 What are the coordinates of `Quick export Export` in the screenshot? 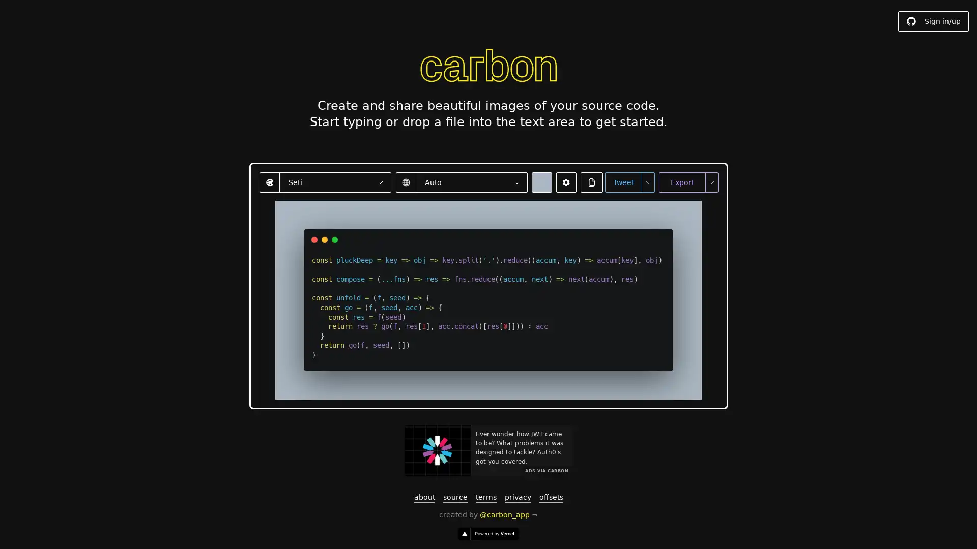 It's located at (681, 181).